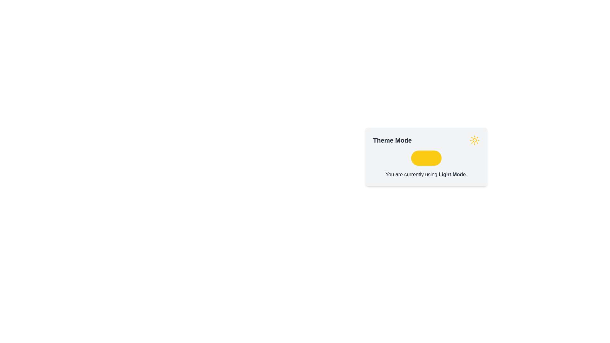 This screenshot has width=610, height=343. Describe the element at coordinates (474, 140) in the screenshot. I see `the visual representation of the sun icon's central circle, which indicates the current light mode or brightness theme, located at the top-right corner of the 'Theme Mode' card` at that location.